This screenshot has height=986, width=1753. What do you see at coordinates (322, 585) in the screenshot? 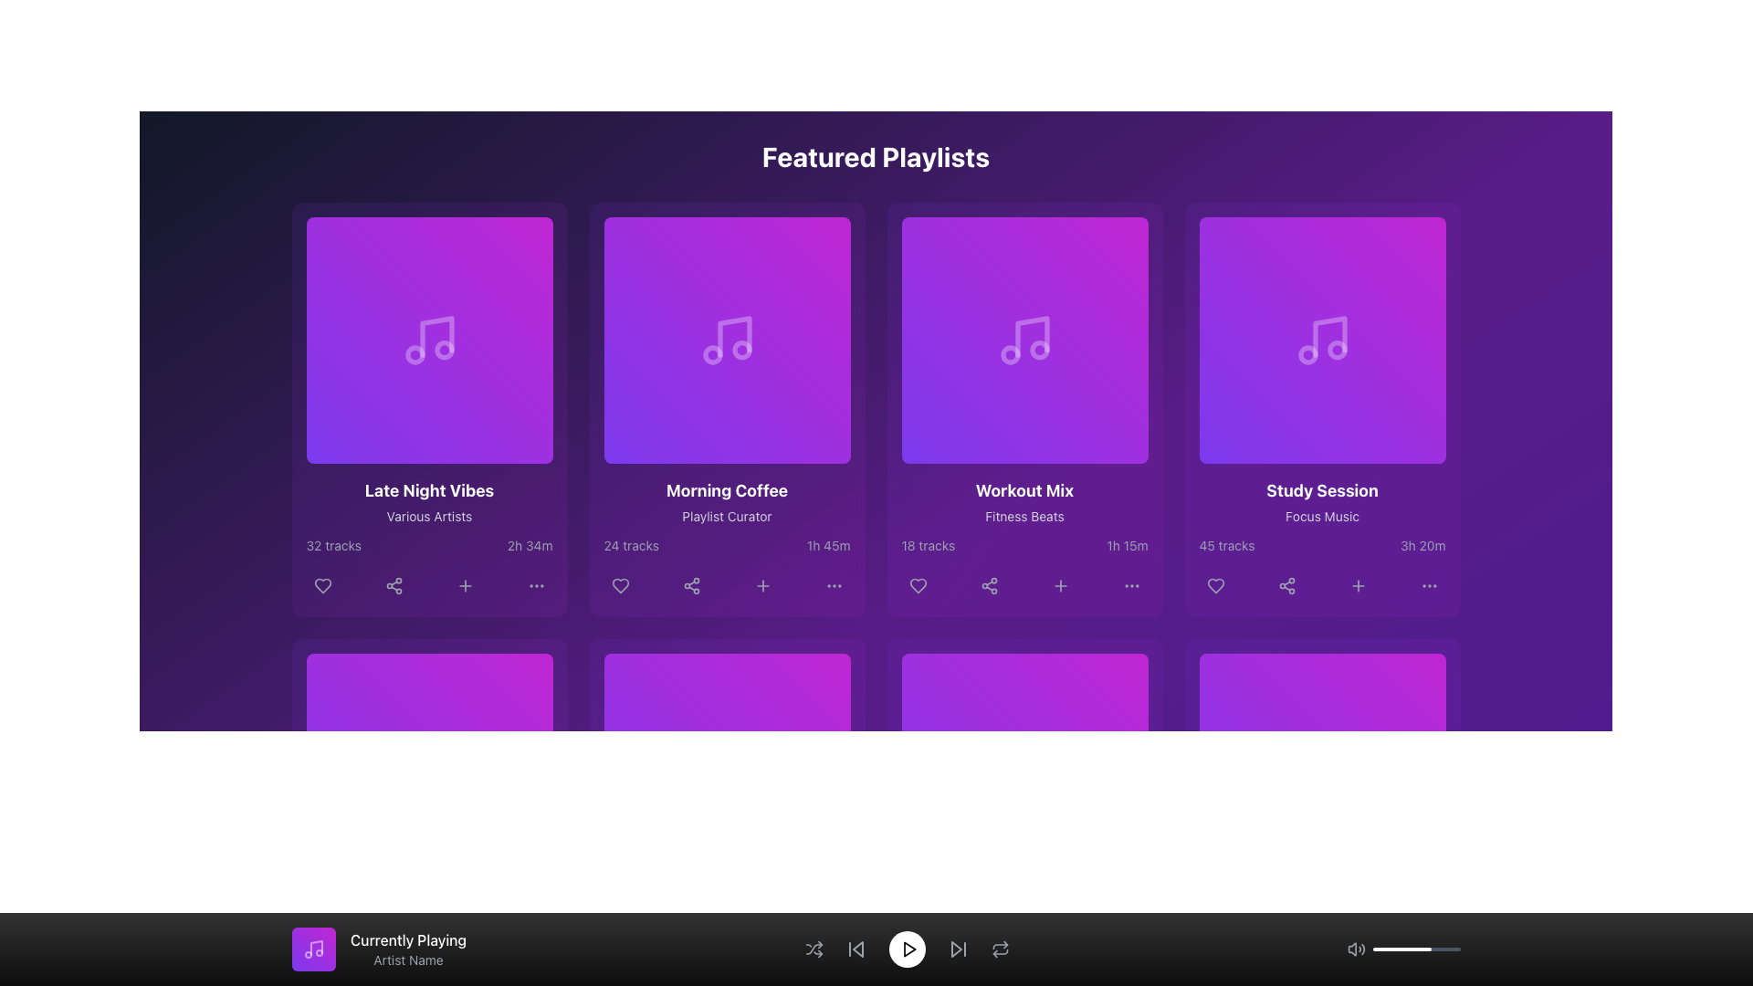
I see `the outlined heart icon located in the 'Late Night Vibes' card within the 'Featured Playlists' section` at bounding box center [322, 585].